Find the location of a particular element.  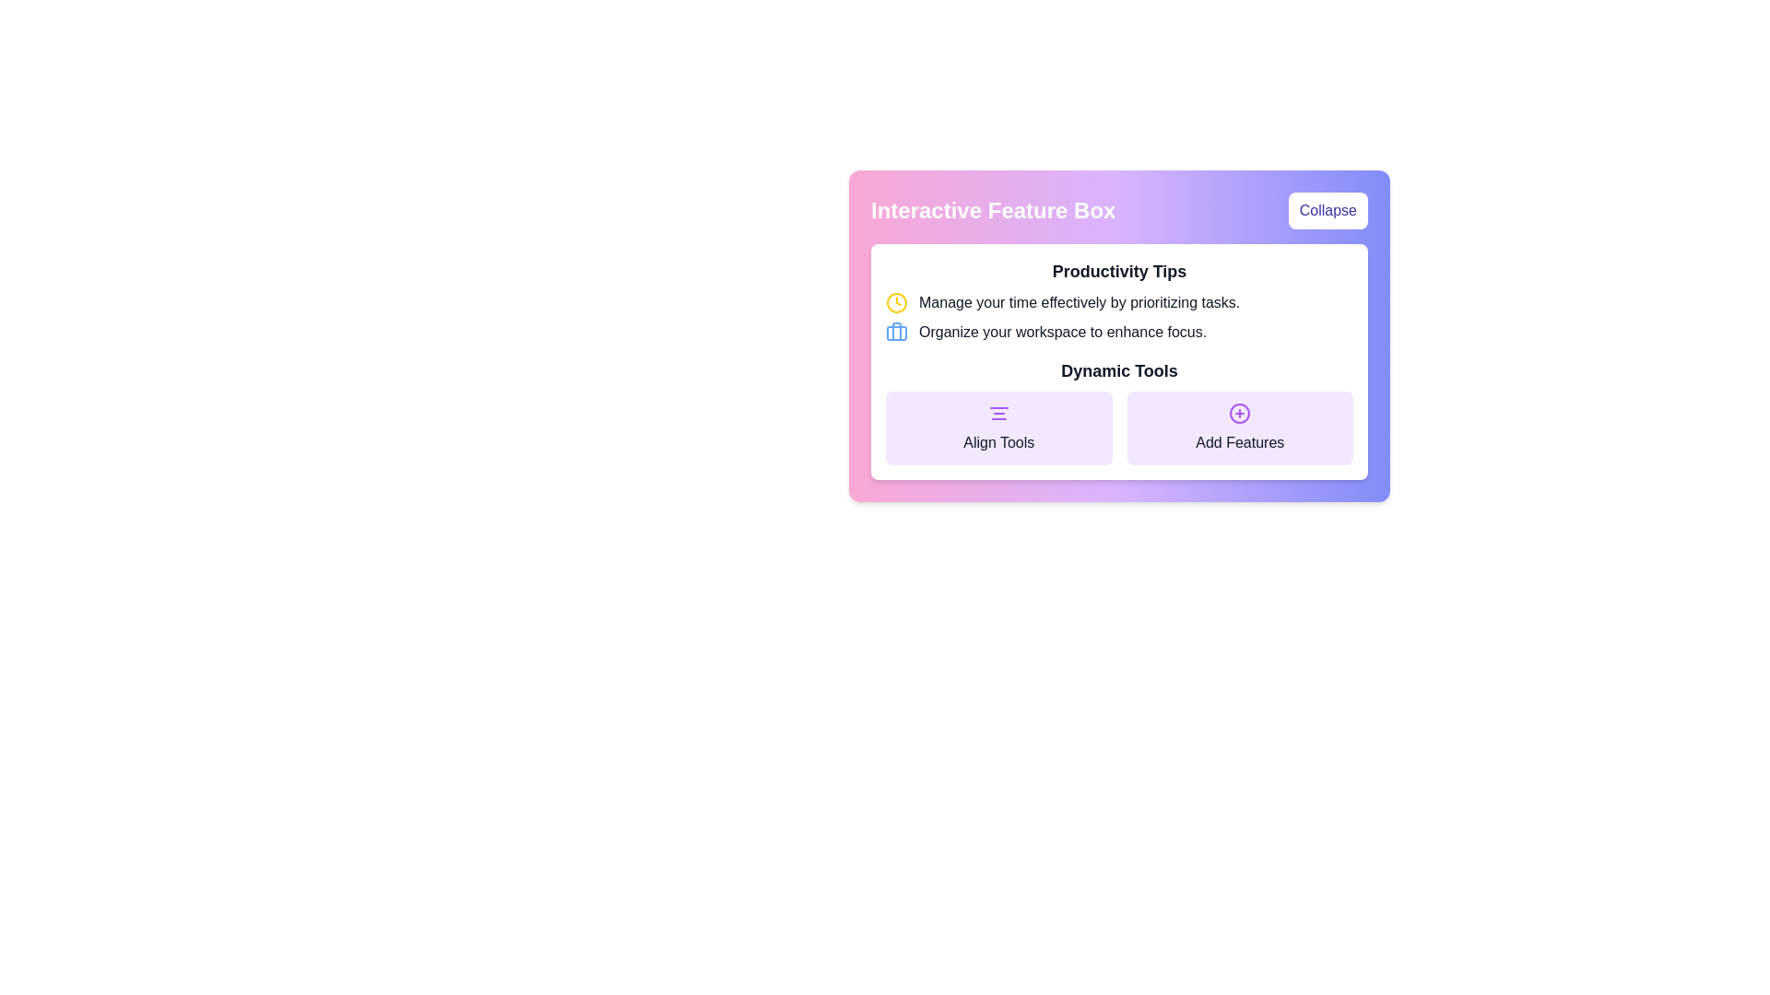

the 'Collapse' button with indigo text on a white background is located at coordinates (1327, 209).